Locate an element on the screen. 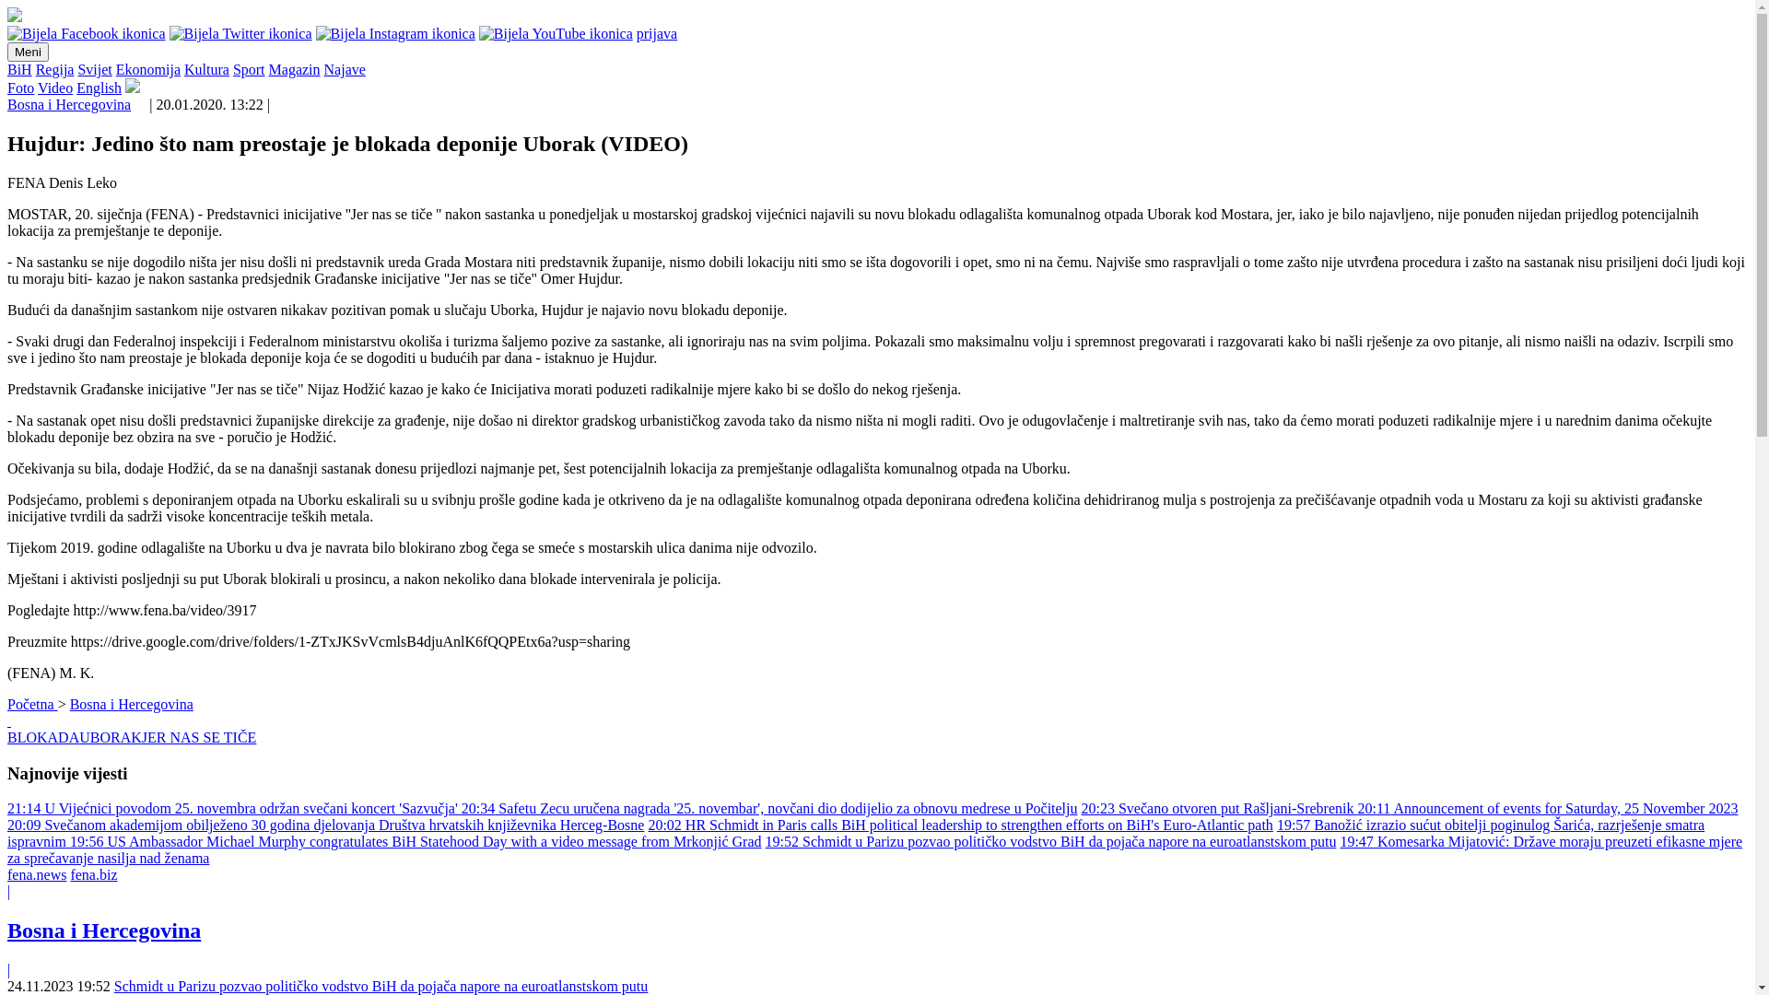 The width and height of the screenshot is (1769, 995). 'UBORAK' is located at coordinates (110, 736).